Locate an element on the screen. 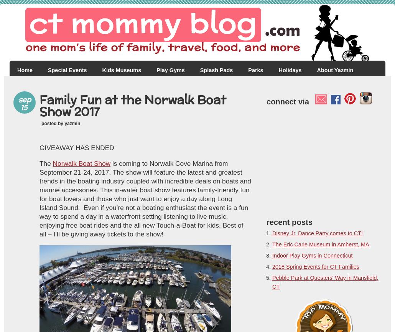 The image size is (395, 332). 'Sep' is located at coordinates (24, 99).